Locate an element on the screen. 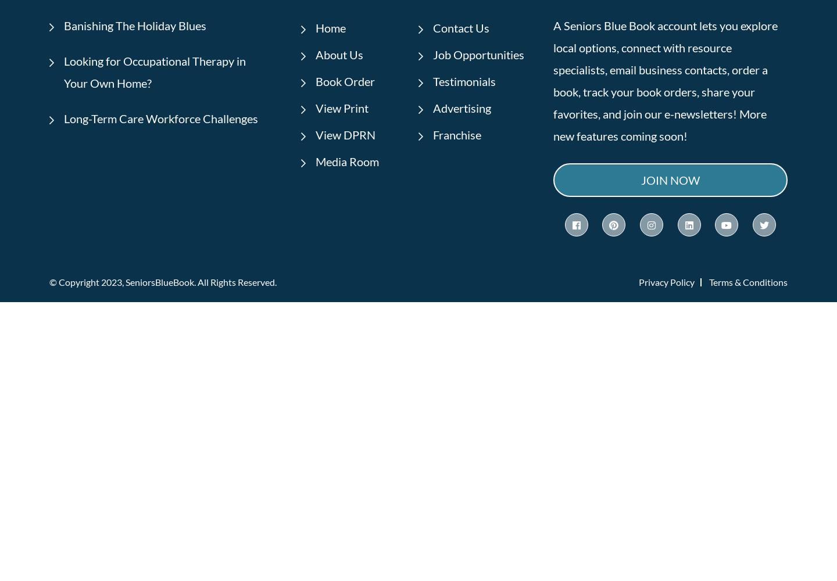 Image resolution: width=837 pixels, height=581 pixels. 'Advertising' is located at coordinates (462, 107).